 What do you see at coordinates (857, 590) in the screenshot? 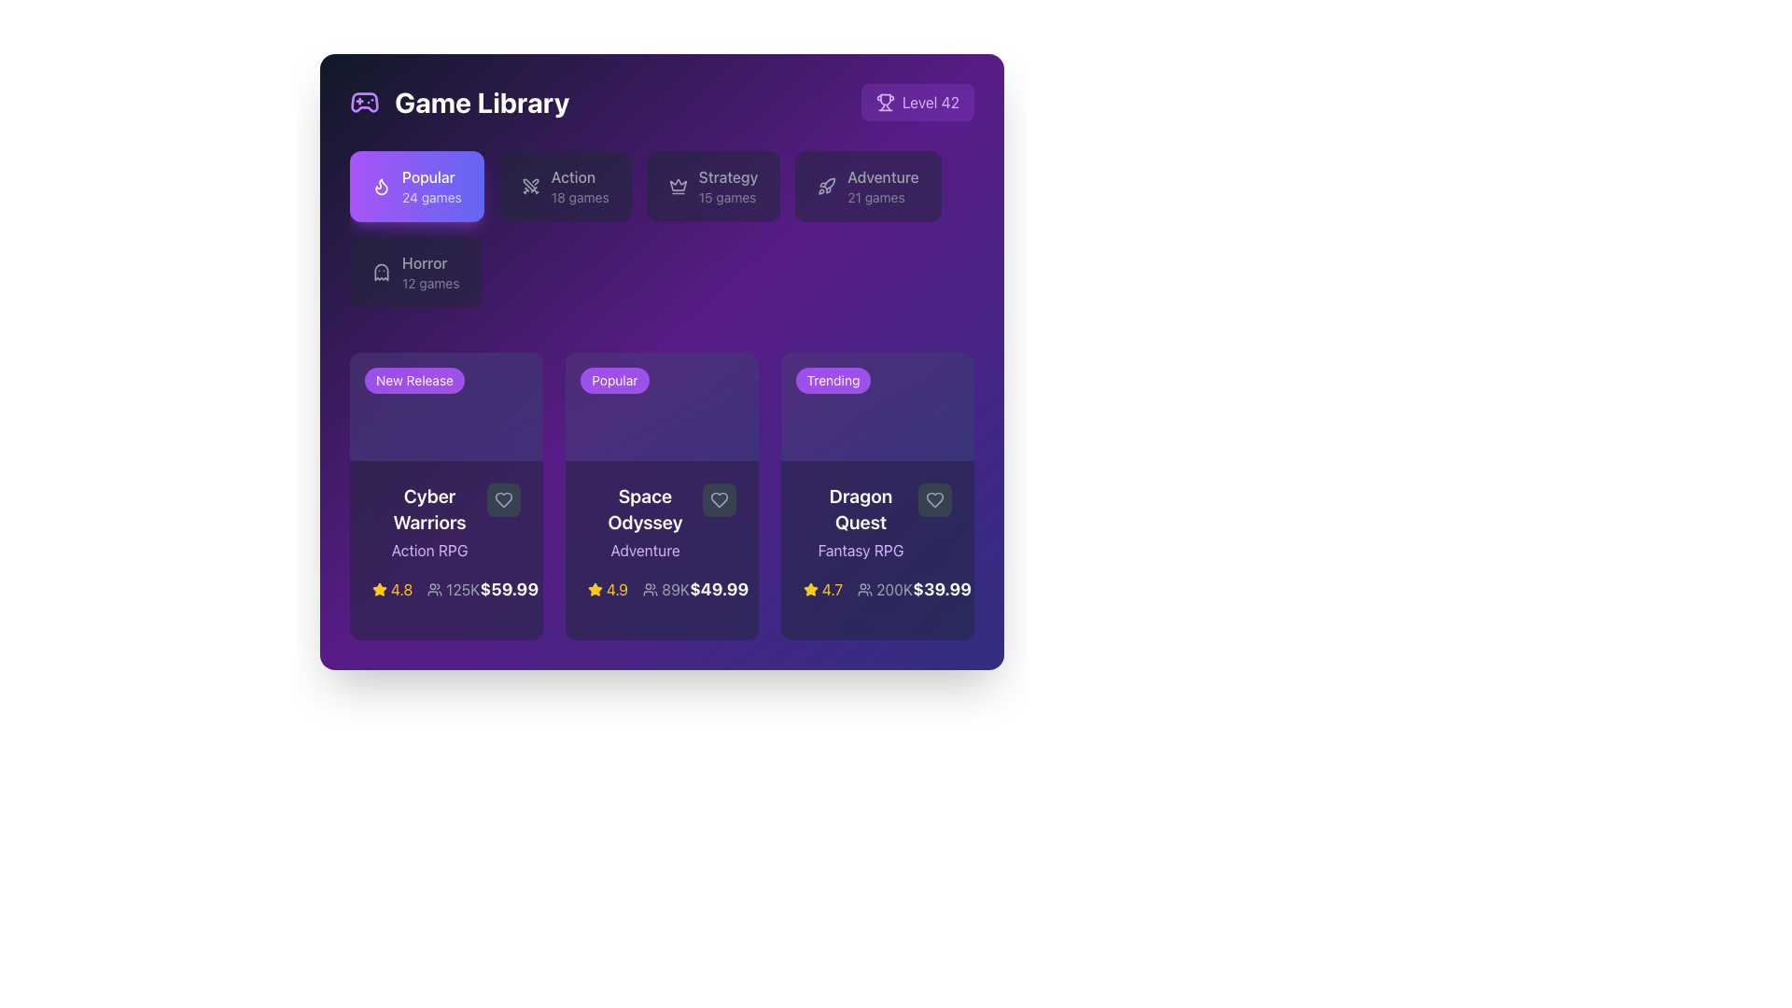
I see `the information display element showing the rating '4.7' and popularity '200K' for the 'Dragon Quest' game in the bottom-right corner of the game card` at bounding box center [857, 590].